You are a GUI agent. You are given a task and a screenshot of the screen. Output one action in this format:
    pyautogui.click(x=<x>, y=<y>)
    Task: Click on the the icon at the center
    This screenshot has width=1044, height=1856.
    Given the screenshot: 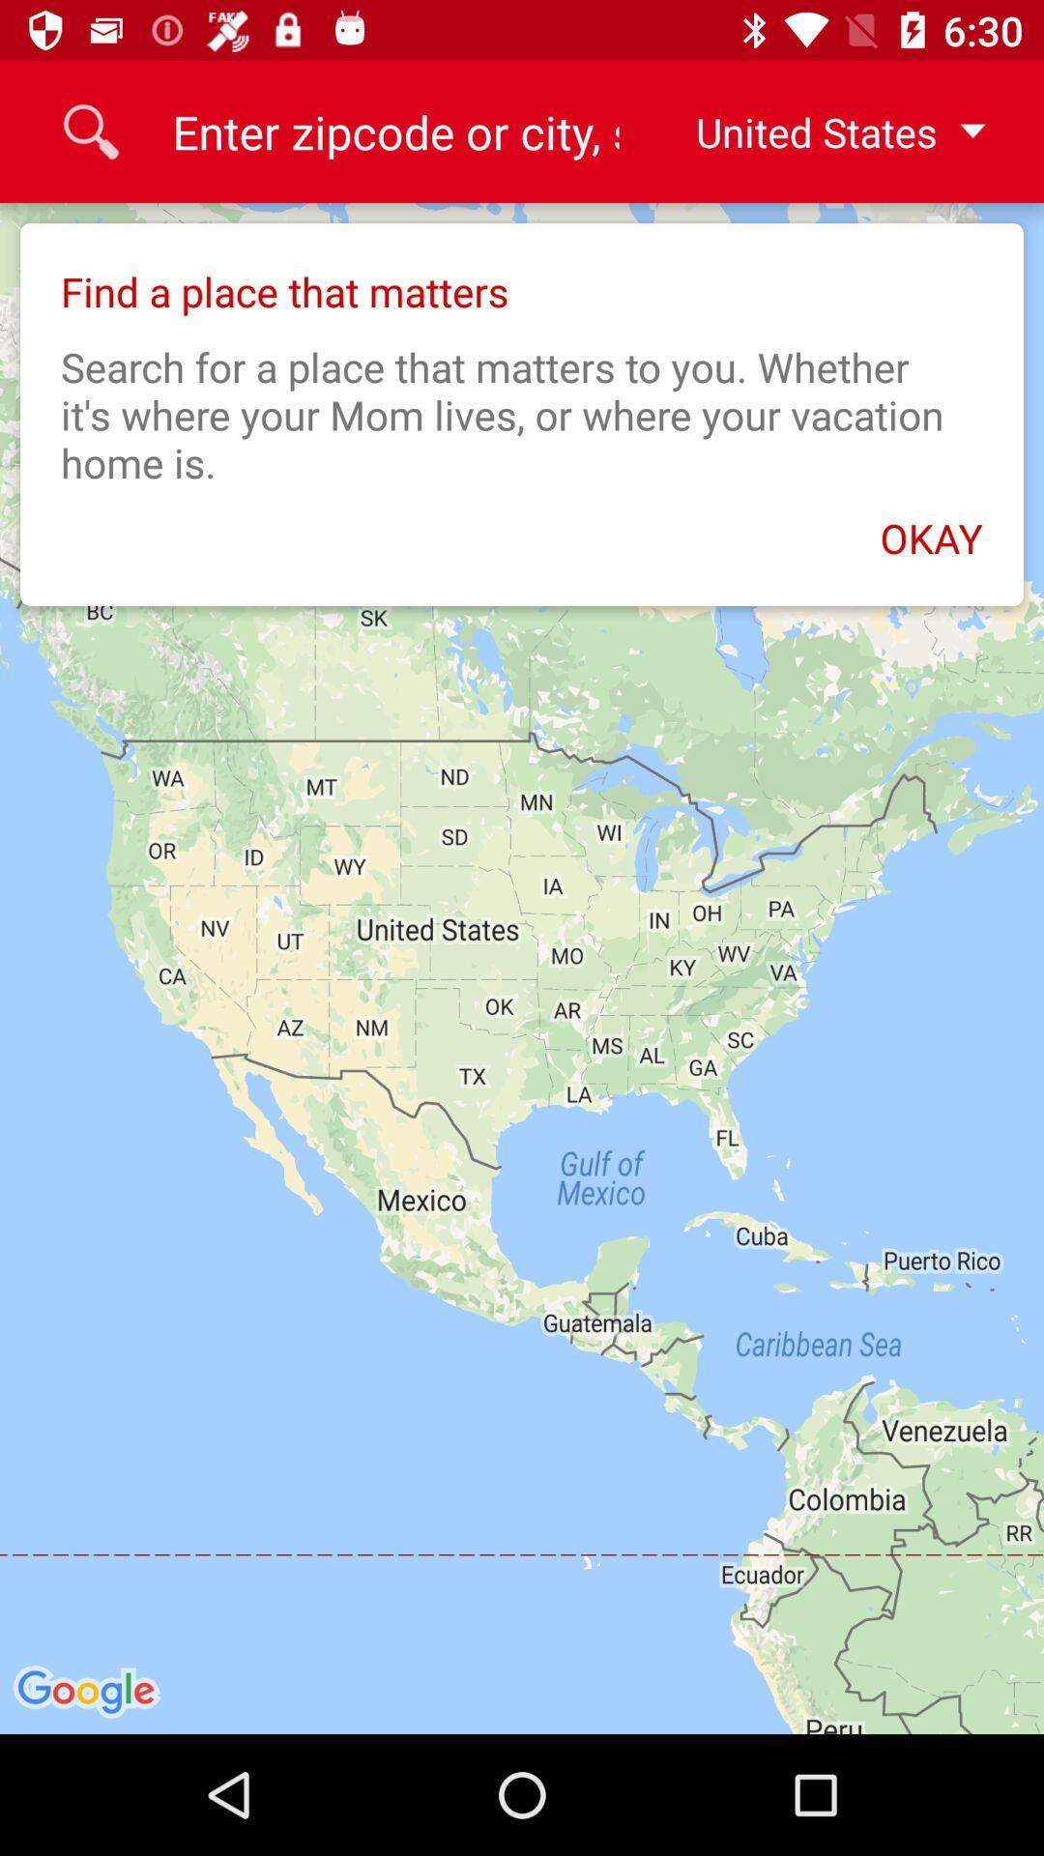 What is the action you would take?
    pyautogui.click(x=522, y=969)
    